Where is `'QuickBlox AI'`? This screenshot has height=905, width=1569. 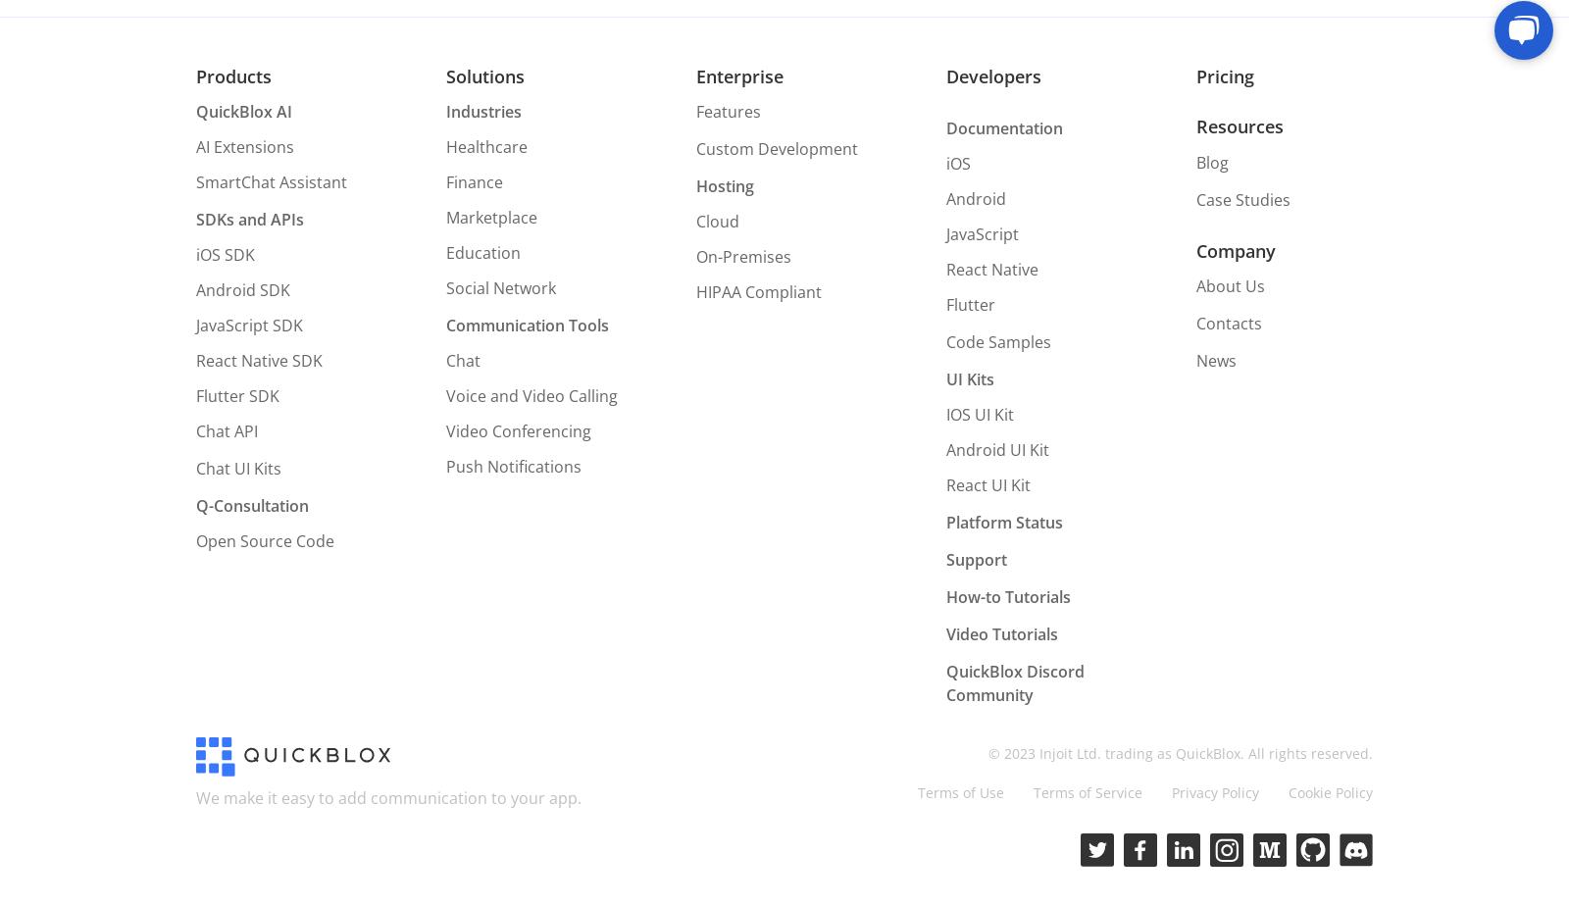 'QuickBlox AI' is located at coordinates (243, 111).